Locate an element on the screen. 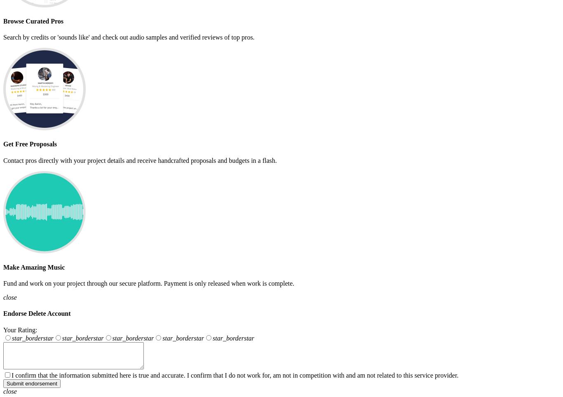 The height and width of the screenshot is (397, 563). 'Fund and work on your project through our secure platform. Payment is only released when work is complete.' is located at coordinates (148, 283).